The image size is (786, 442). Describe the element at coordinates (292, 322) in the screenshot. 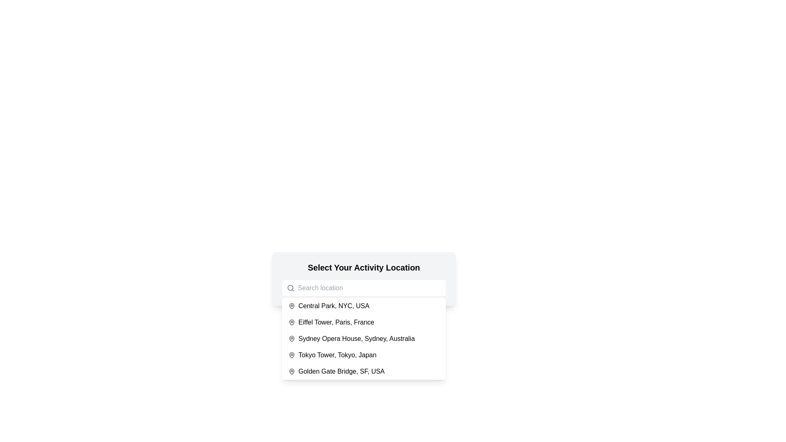

I see `the map pin icon located to the left of the text 'Eiffel Tower, Paris, France'` at that location.